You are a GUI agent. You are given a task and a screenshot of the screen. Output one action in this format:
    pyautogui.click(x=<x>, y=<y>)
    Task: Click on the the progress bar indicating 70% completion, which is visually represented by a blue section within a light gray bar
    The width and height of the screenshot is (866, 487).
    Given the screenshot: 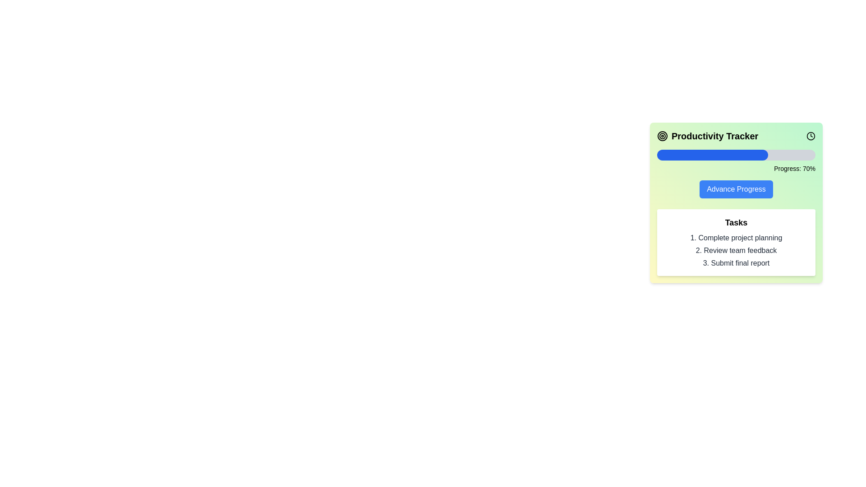 What is the action you would take?
    pyautogui.click(x=712, y=154)
    